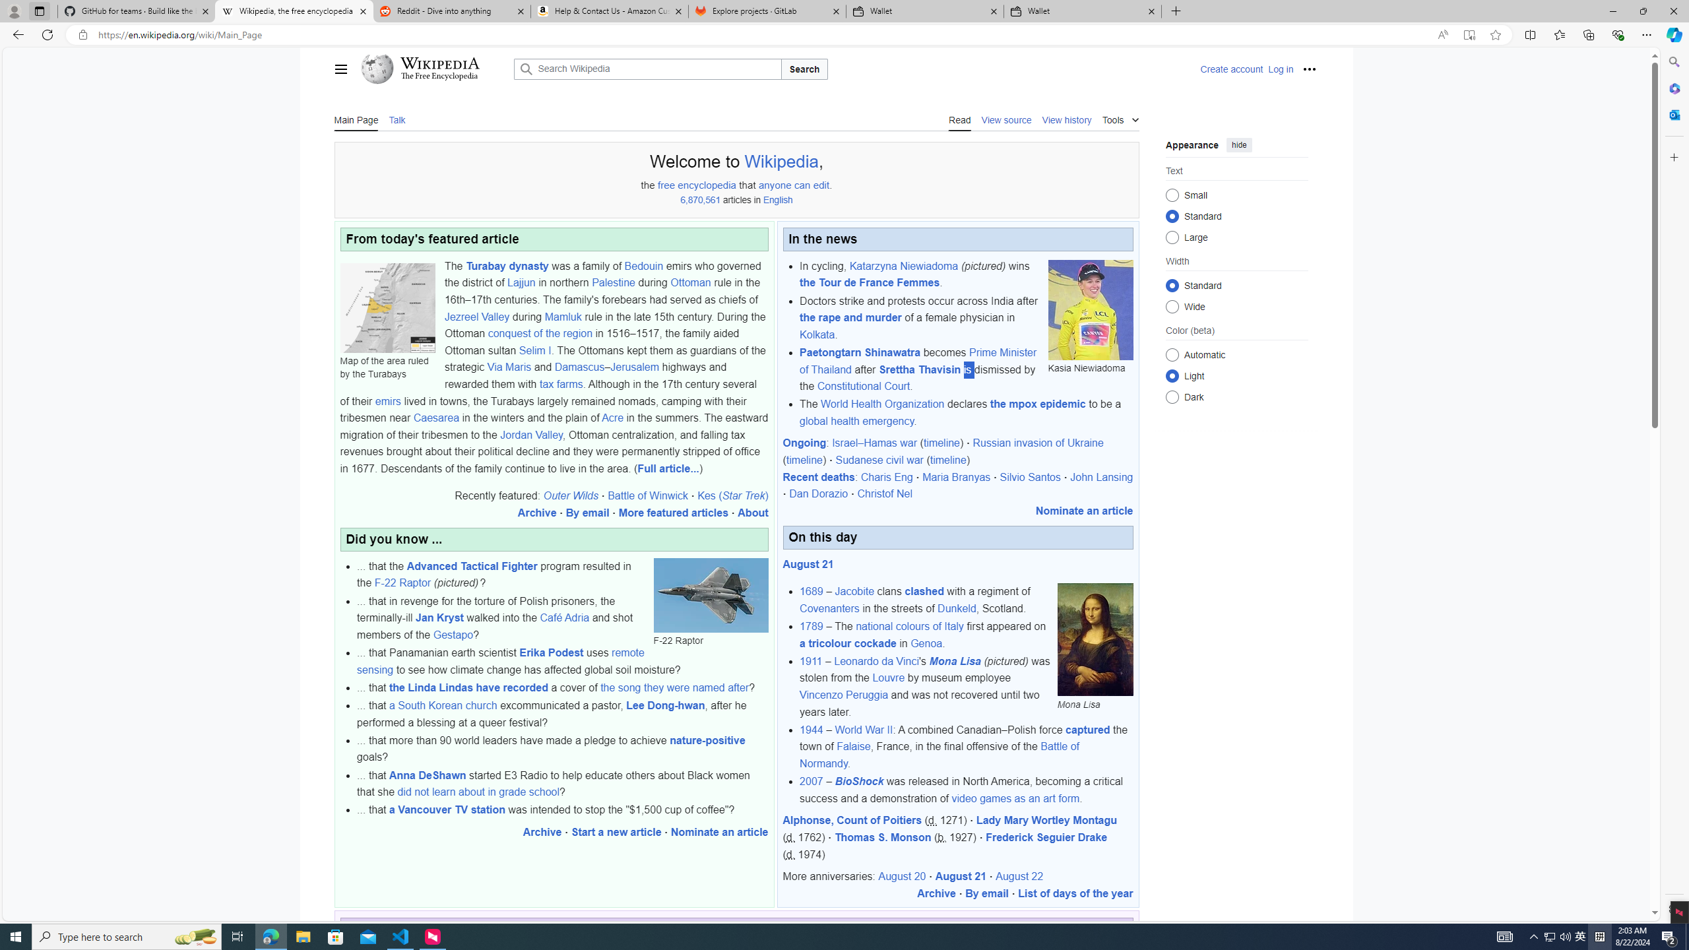 This screenshot has height=950, width=1689. I want to click on 'Jerusalem', so click(635, 367).